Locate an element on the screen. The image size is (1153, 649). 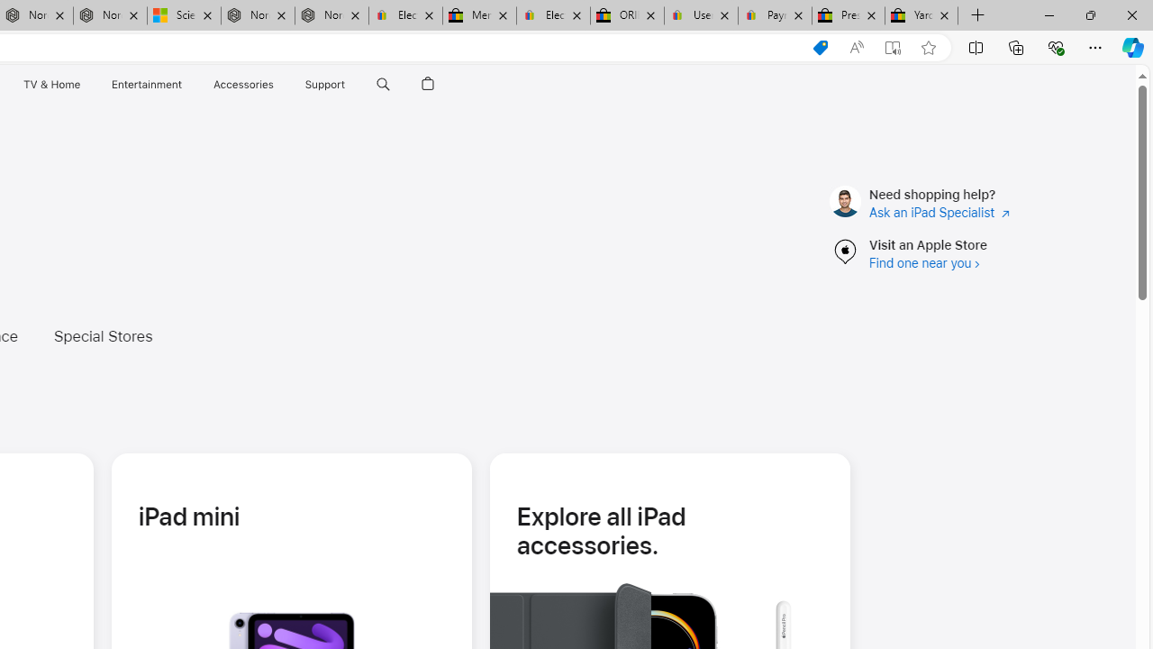
'Accessories menu' is located at coordinates (276, 84).